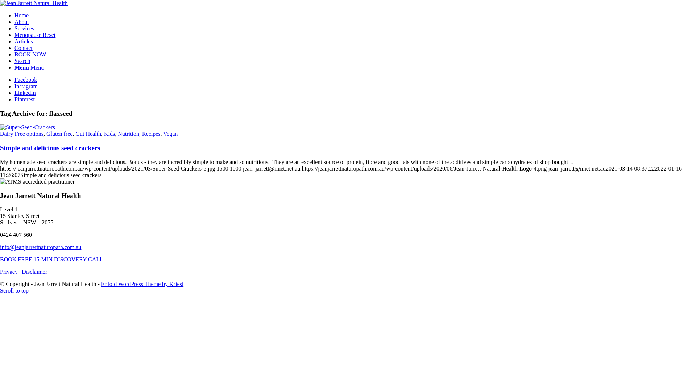  Describe the element at coordinates (0, 259) in the screenshot. I see `'BOOK FREE 15-MIN DISCOVERY CALL'` at that location.